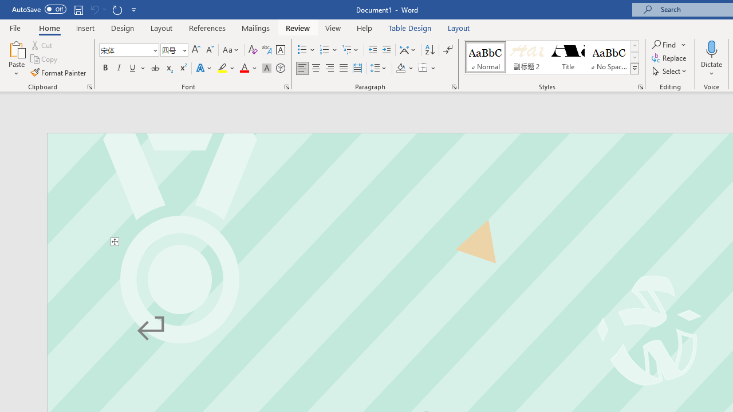 The image size is (733, 412). I want to click on 'Multilevel List', so click(350, 49).